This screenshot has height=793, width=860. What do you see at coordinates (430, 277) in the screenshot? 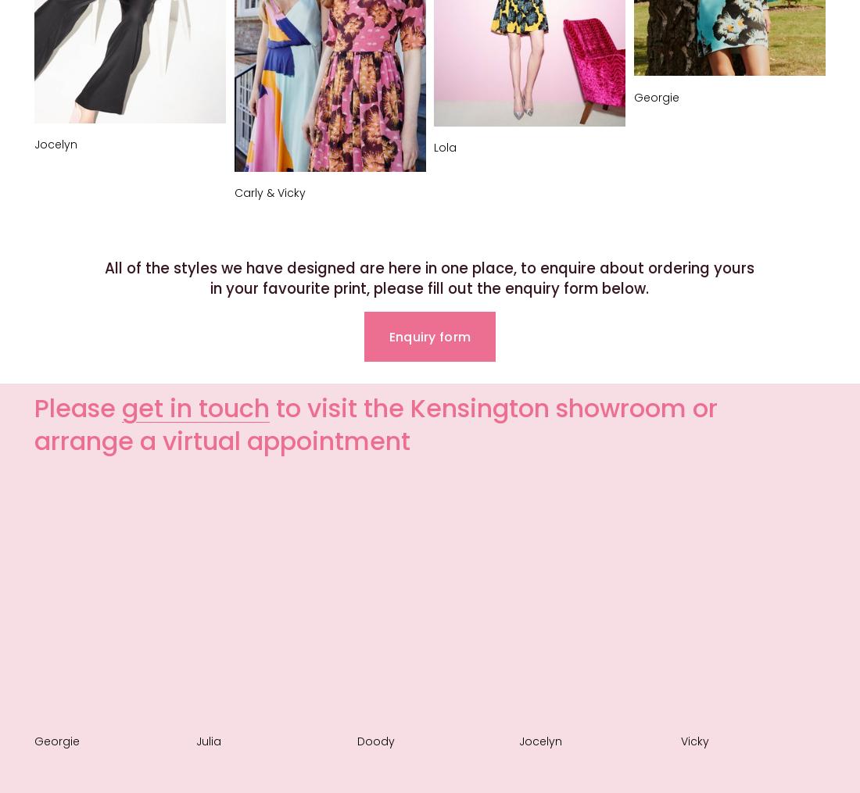
I see `'All of the styles we have designed are here in one place, to enquire about ordering yours in your favourite print, please fill out the enquiry form below.'` at bounding box center [430, 277].